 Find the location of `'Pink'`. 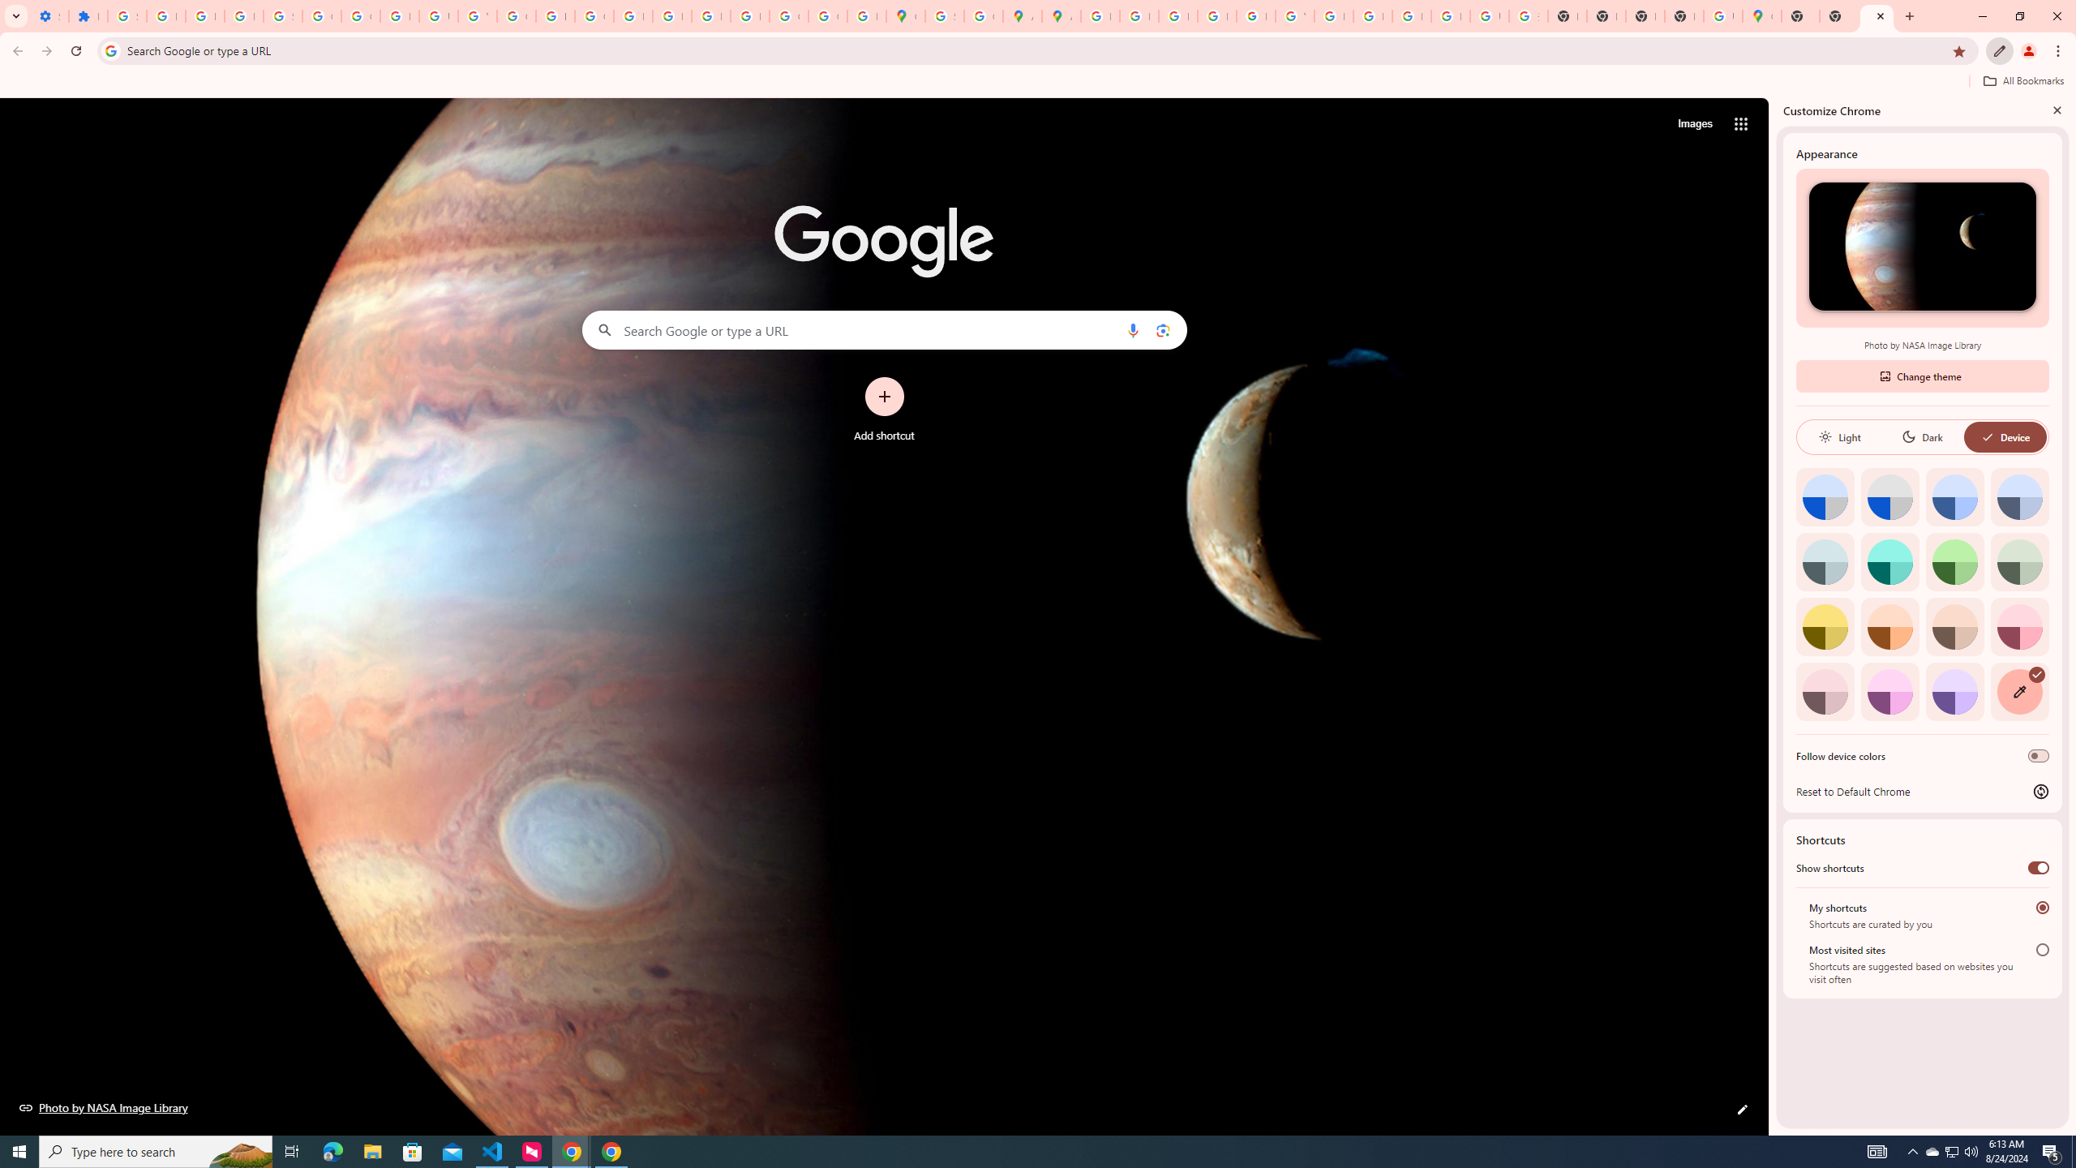

'Pink' is located at coordinates (1825, 690).